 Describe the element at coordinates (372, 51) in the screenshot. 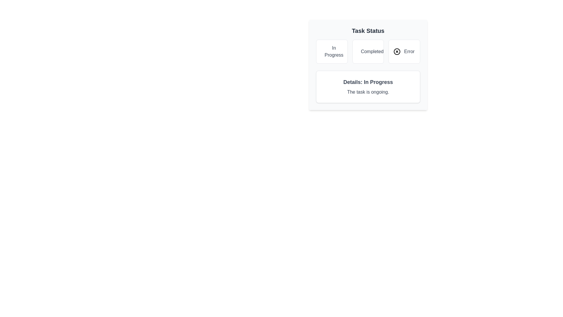

I see `the static textual label that displays the status 'Completed', which is styled with a medium-sized gray font and is centrally located within a card-like structure` at that location.